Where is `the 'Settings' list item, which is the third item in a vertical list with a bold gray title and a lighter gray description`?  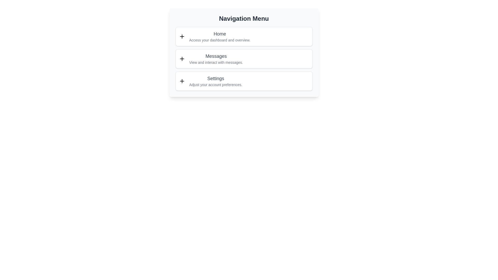 the 'Settings' list item, which is the third item in a vertical list with a bold gray title and a lighter gray description is located at coordinates (216, 81).